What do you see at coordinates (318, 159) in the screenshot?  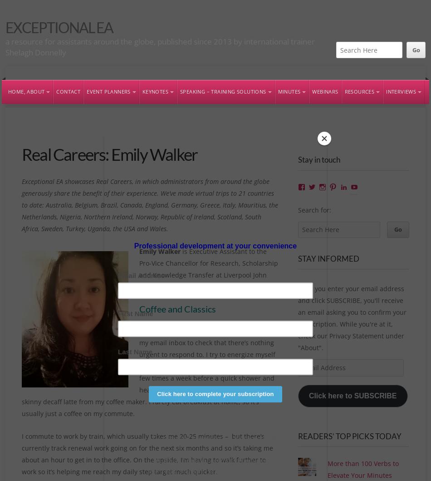 I see `'Stay in touch'` at bounding box center [318, 159].